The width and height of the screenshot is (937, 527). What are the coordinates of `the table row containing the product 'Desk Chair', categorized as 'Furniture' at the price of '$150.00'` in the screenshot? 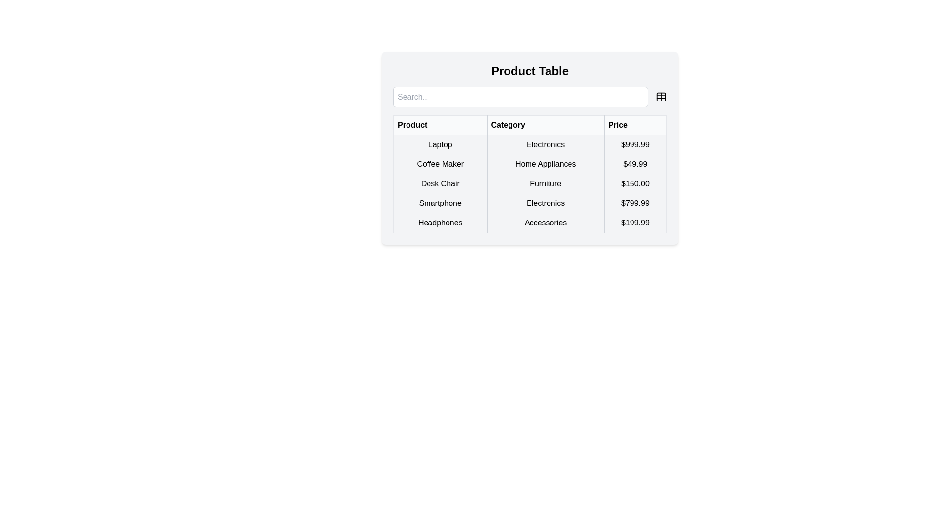 It's located at (529, 184).